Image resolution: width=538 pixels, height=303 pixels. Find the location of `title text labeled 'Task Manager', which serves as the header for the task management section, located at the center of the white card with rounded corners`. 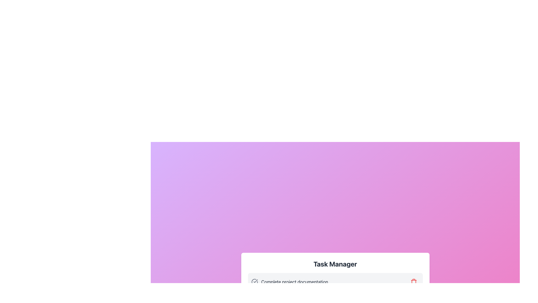

title text labeled 'Task Manager', which serves as the header for the task management section, located at the center of the white card with rounded corners is located at coordinates (335, 264).